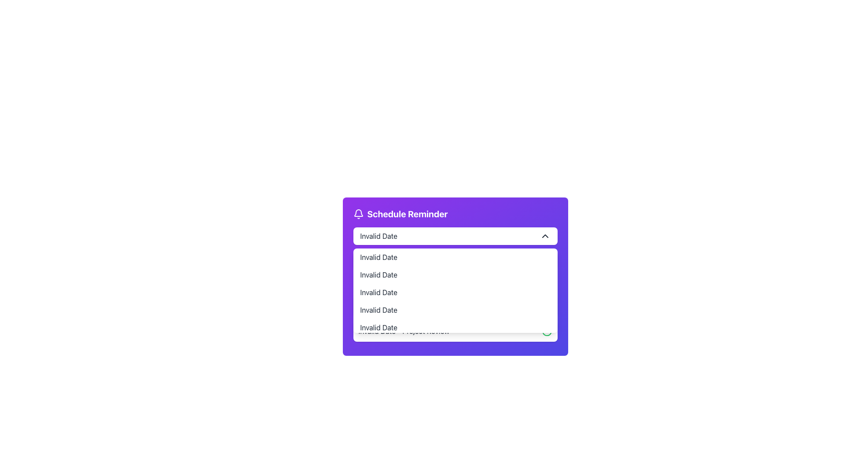 This screenshot has height=475, width=845. Describe the element at coordinates (403, 331) in the screenshot. I see `the text label that describes the project review associated with an invalid date in the dropdown menu options` at that location.